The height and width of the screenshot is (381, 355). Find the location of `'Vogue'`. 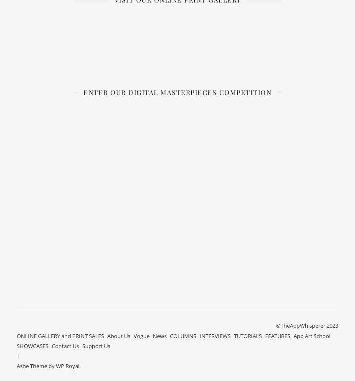

'Vogue' is located at coordinates (134, 335).